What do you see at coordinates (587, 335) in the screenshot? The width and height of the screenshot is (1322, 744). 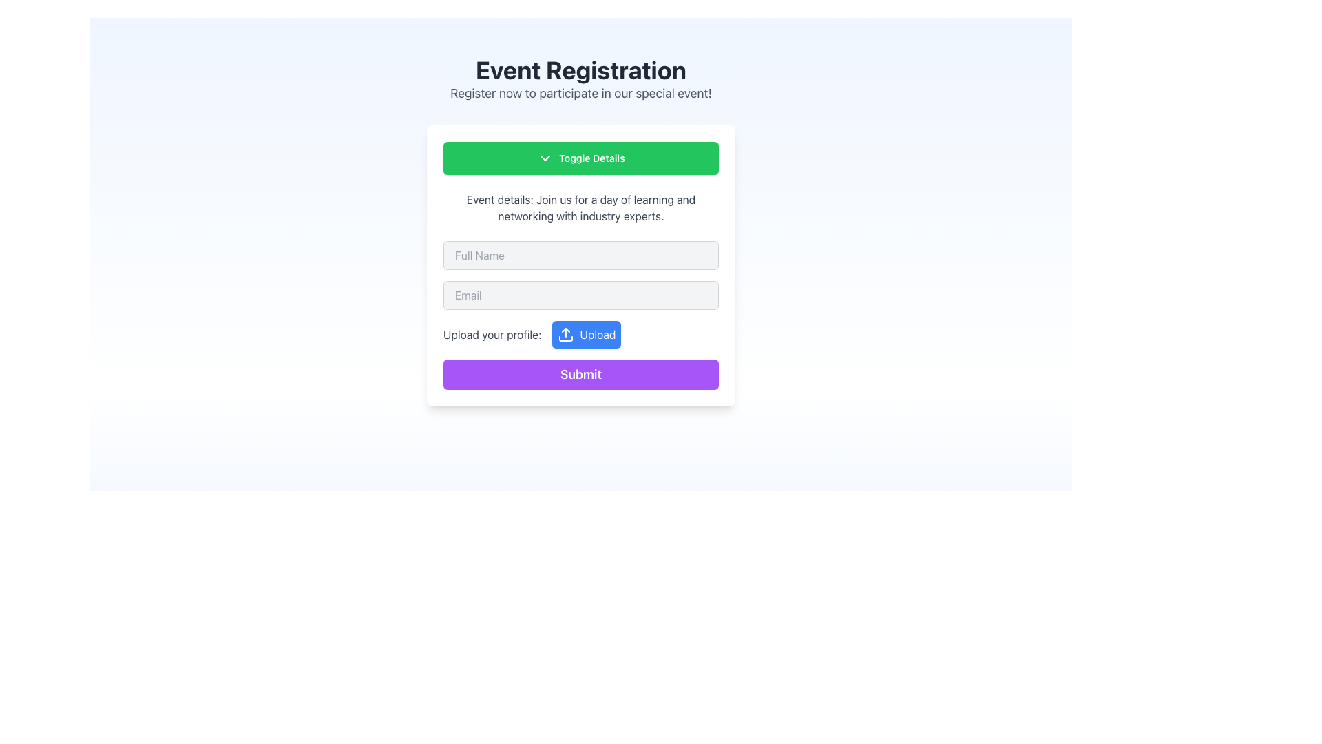 I see `the blue rectangular 'Upload' button with an upward arrow icon` at bounding box center [587, 335].